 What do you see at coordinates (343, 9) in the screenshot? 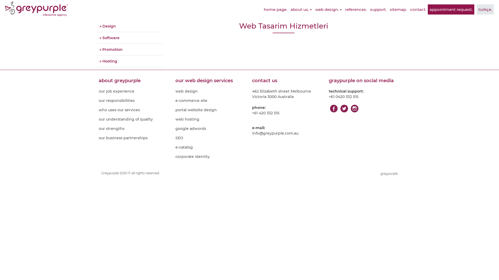
I see `'references.'` at bounding box center [343, 9].